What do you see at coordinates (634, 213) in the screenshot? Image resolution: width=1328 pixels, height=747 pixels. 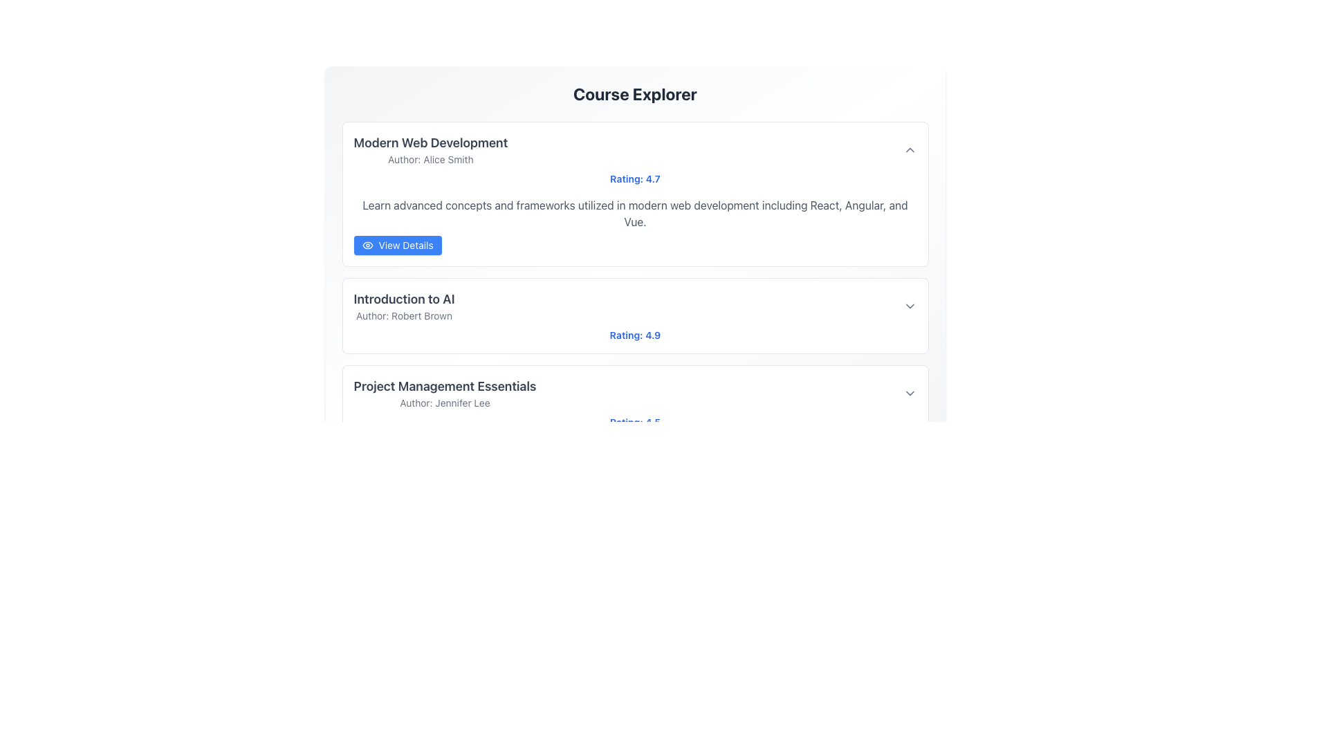 I see `paragraph content block providing an overview of the course titled 'Modern Web Development', which is located below the title and author information` at bounding box center [634, 213].